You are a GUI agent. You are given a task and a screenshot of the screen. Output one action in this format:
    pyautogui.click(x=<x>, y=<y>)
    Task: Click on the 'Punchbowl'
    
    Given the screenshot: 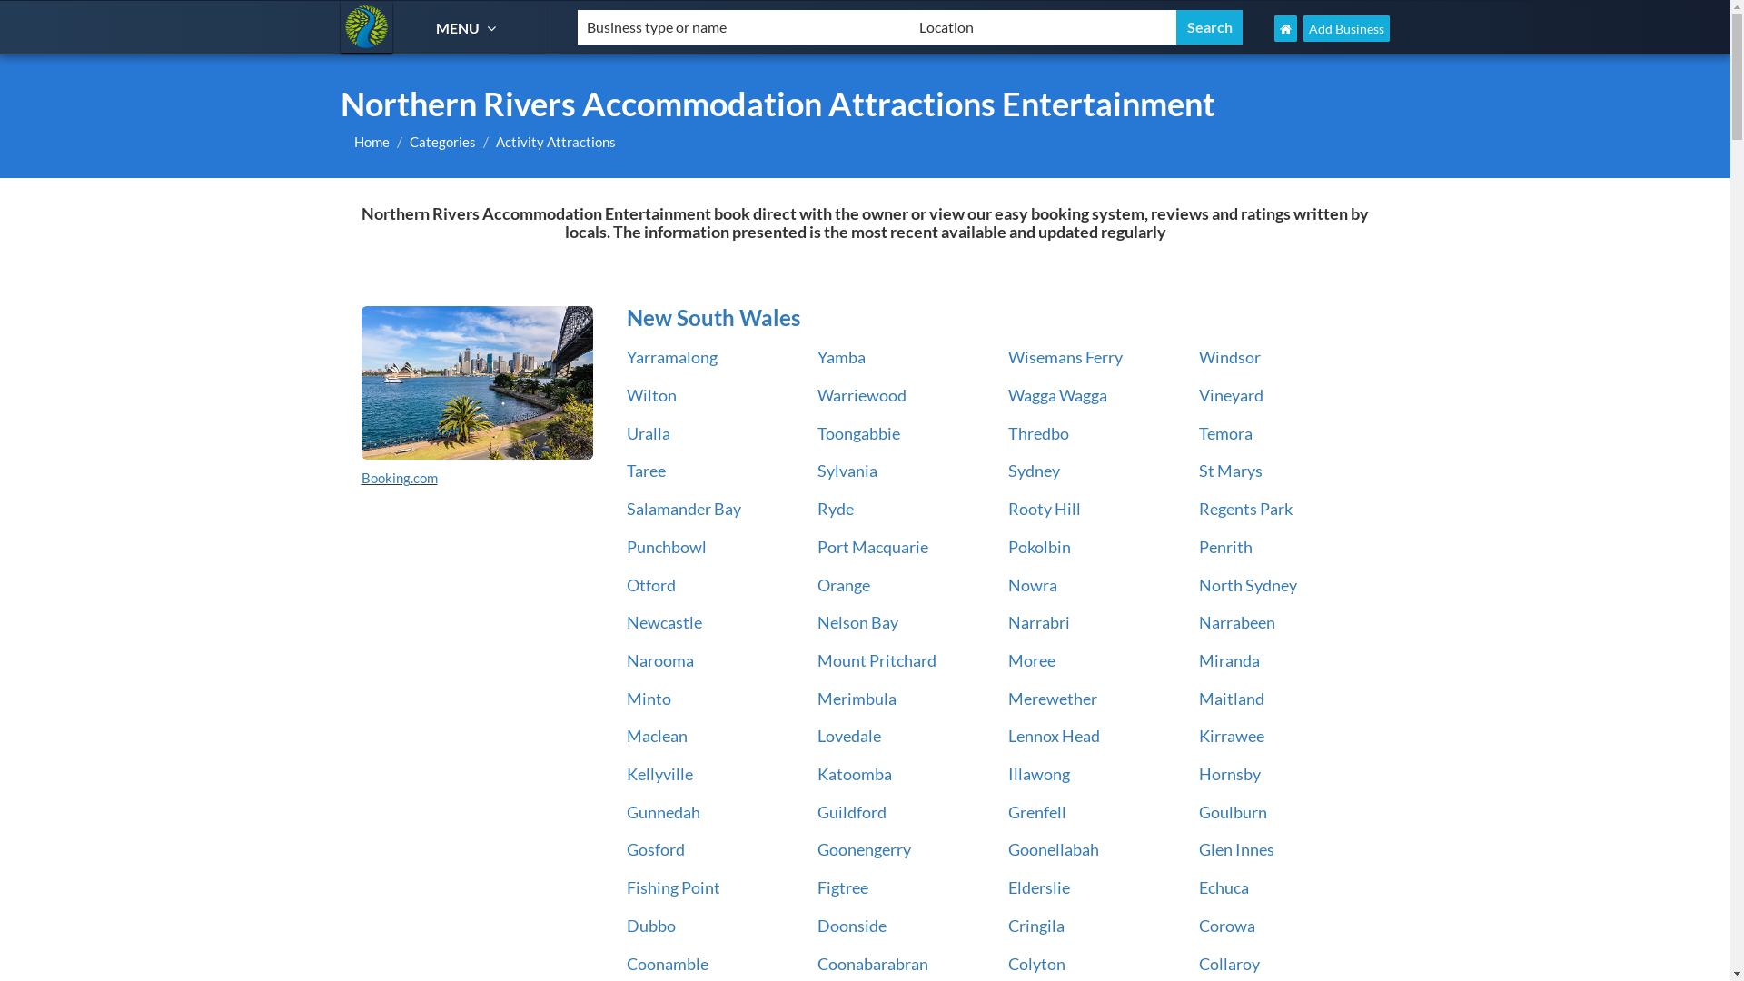 What is the action you would take?
    pyautogui.click(x=627, y=545)
    